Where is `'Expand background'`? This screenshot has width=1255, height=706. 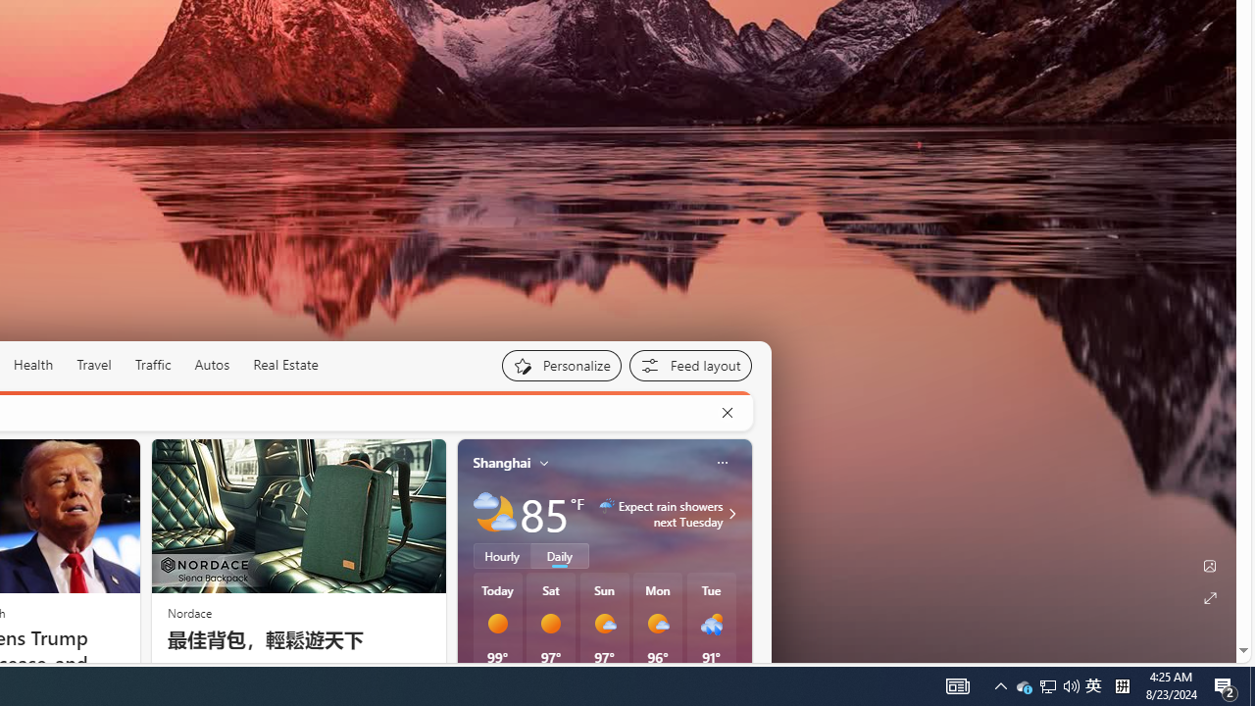
'Expand background' is located at coordinates (1208, 597).